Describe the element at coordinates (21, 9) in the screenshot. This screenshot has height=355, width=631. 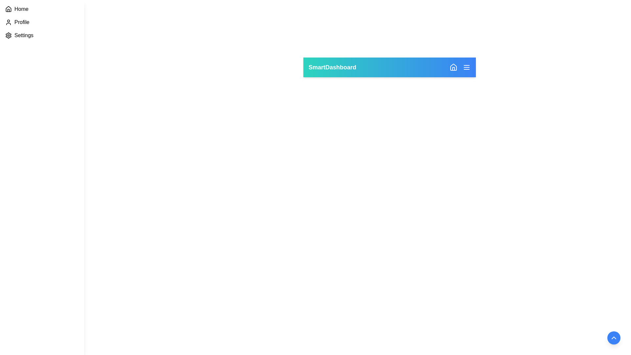
I see `the 'Home' text label located to the right of the house icon in the vertical navigation sidebar on the extreme left of the interface` at that location.